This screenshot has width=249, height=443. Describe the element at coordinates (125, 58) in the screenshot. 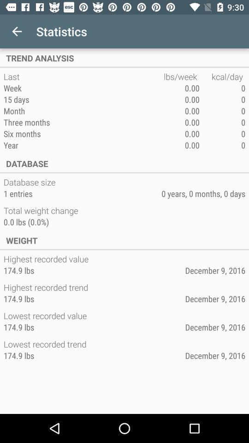

I see `item above the last item` at that location.